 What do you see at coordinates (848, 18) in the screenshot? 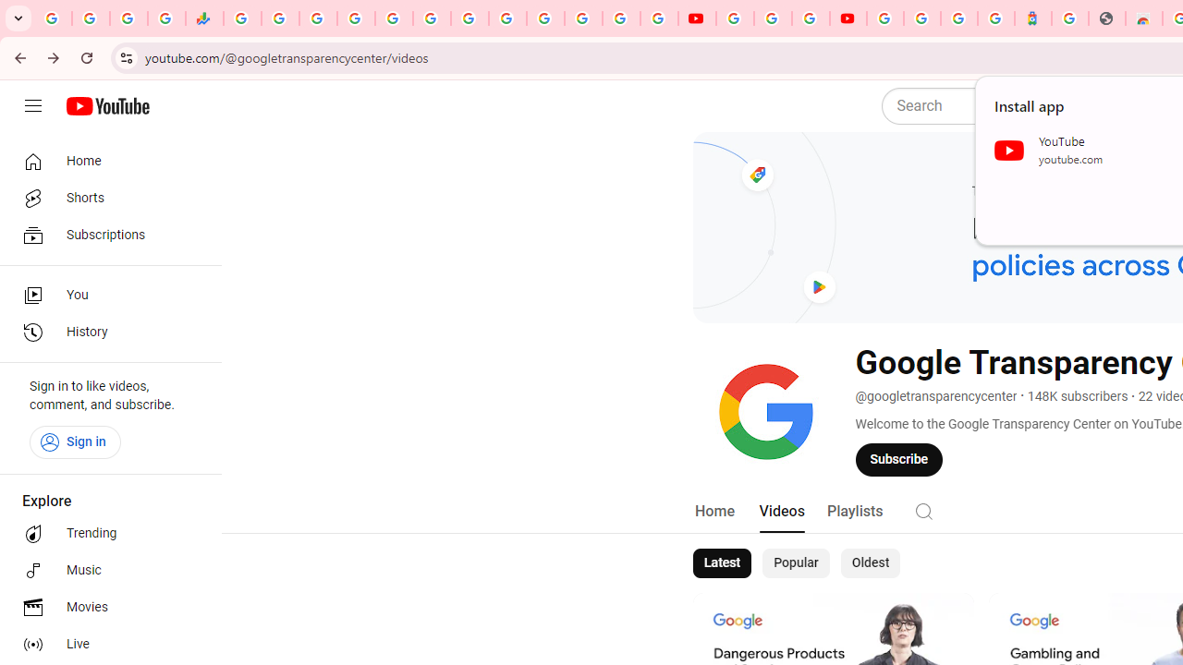
I see `'Content Creator Programs & Opportunities - YouTube Creators'` at bounding box center [848, 18].